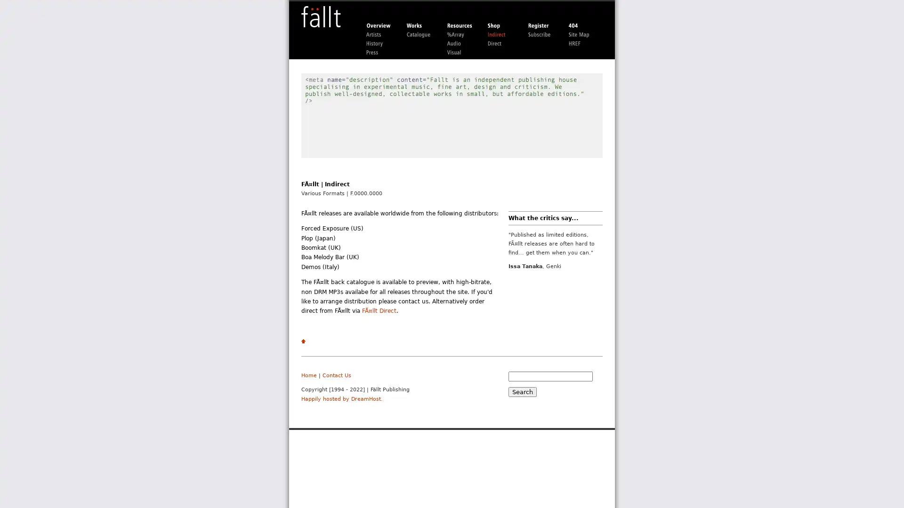 The height and width of the screenshot is (508, 904). Describe the element at coordinates (522, 391) in the screenshot. I see `Search` at that location.